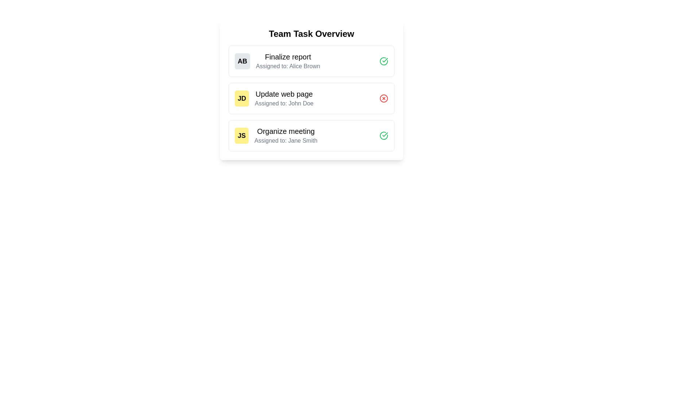 This screenshot has width=700, height=394. Describe the element at coordinates (383, 135) in the screenshot. I see `the completion icon indicating the successful completion of the 'Organize meeting' task assigned to 'Jane Smith', located under the 'Team Task Overview' section` at that location.